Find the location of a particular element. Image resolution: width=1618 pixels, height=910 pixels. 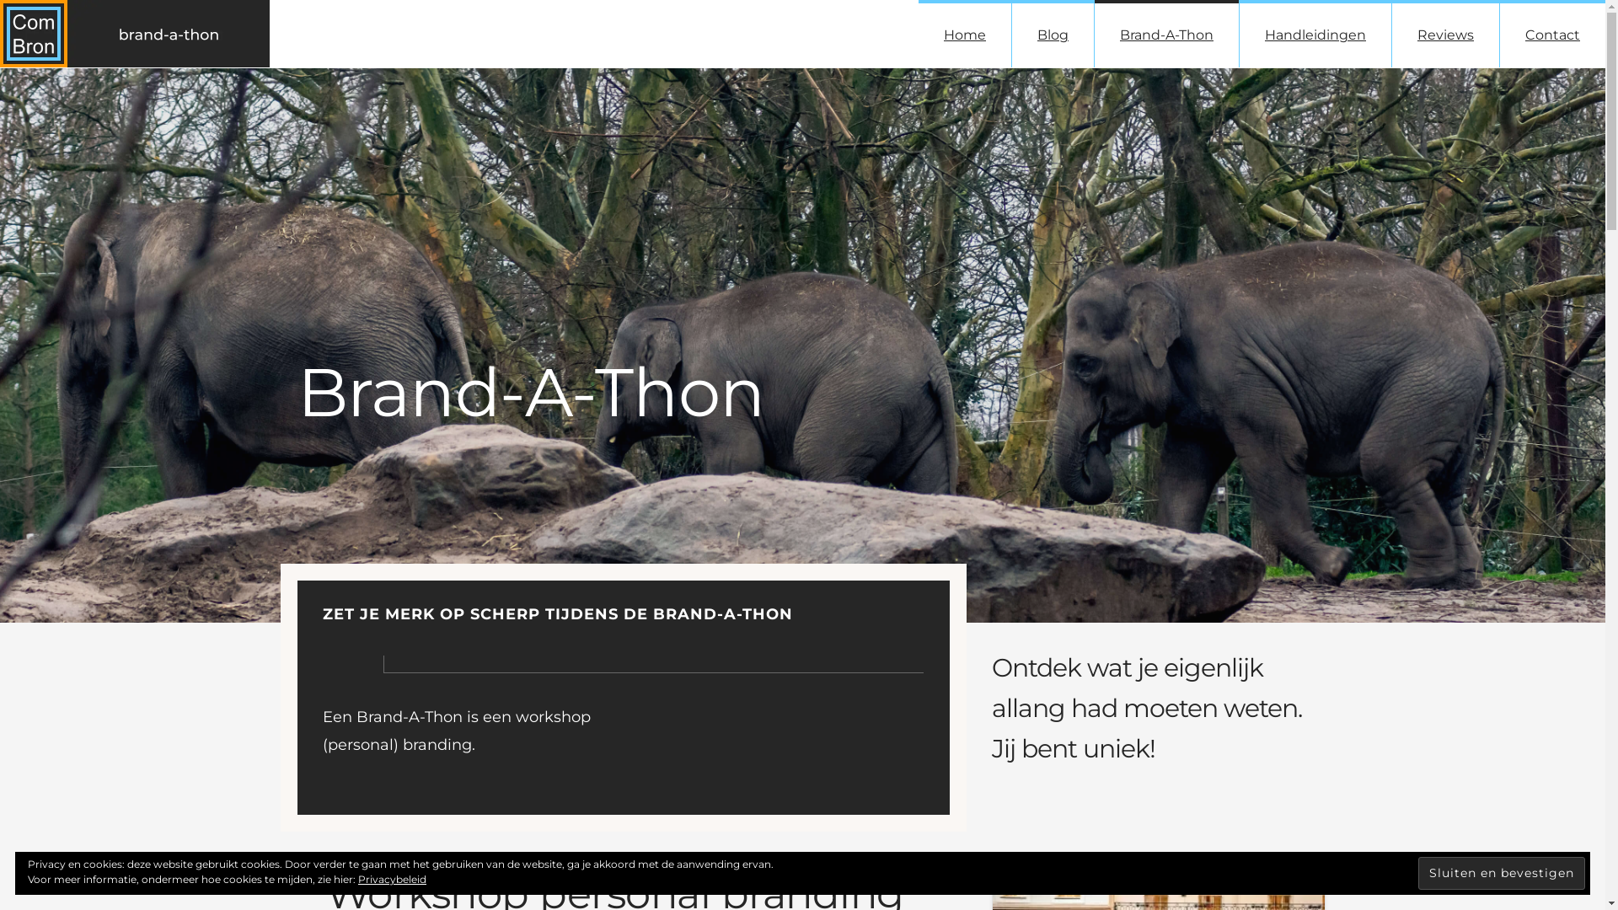

'ComBron Communicatie' is located at coordinates (558, 813).